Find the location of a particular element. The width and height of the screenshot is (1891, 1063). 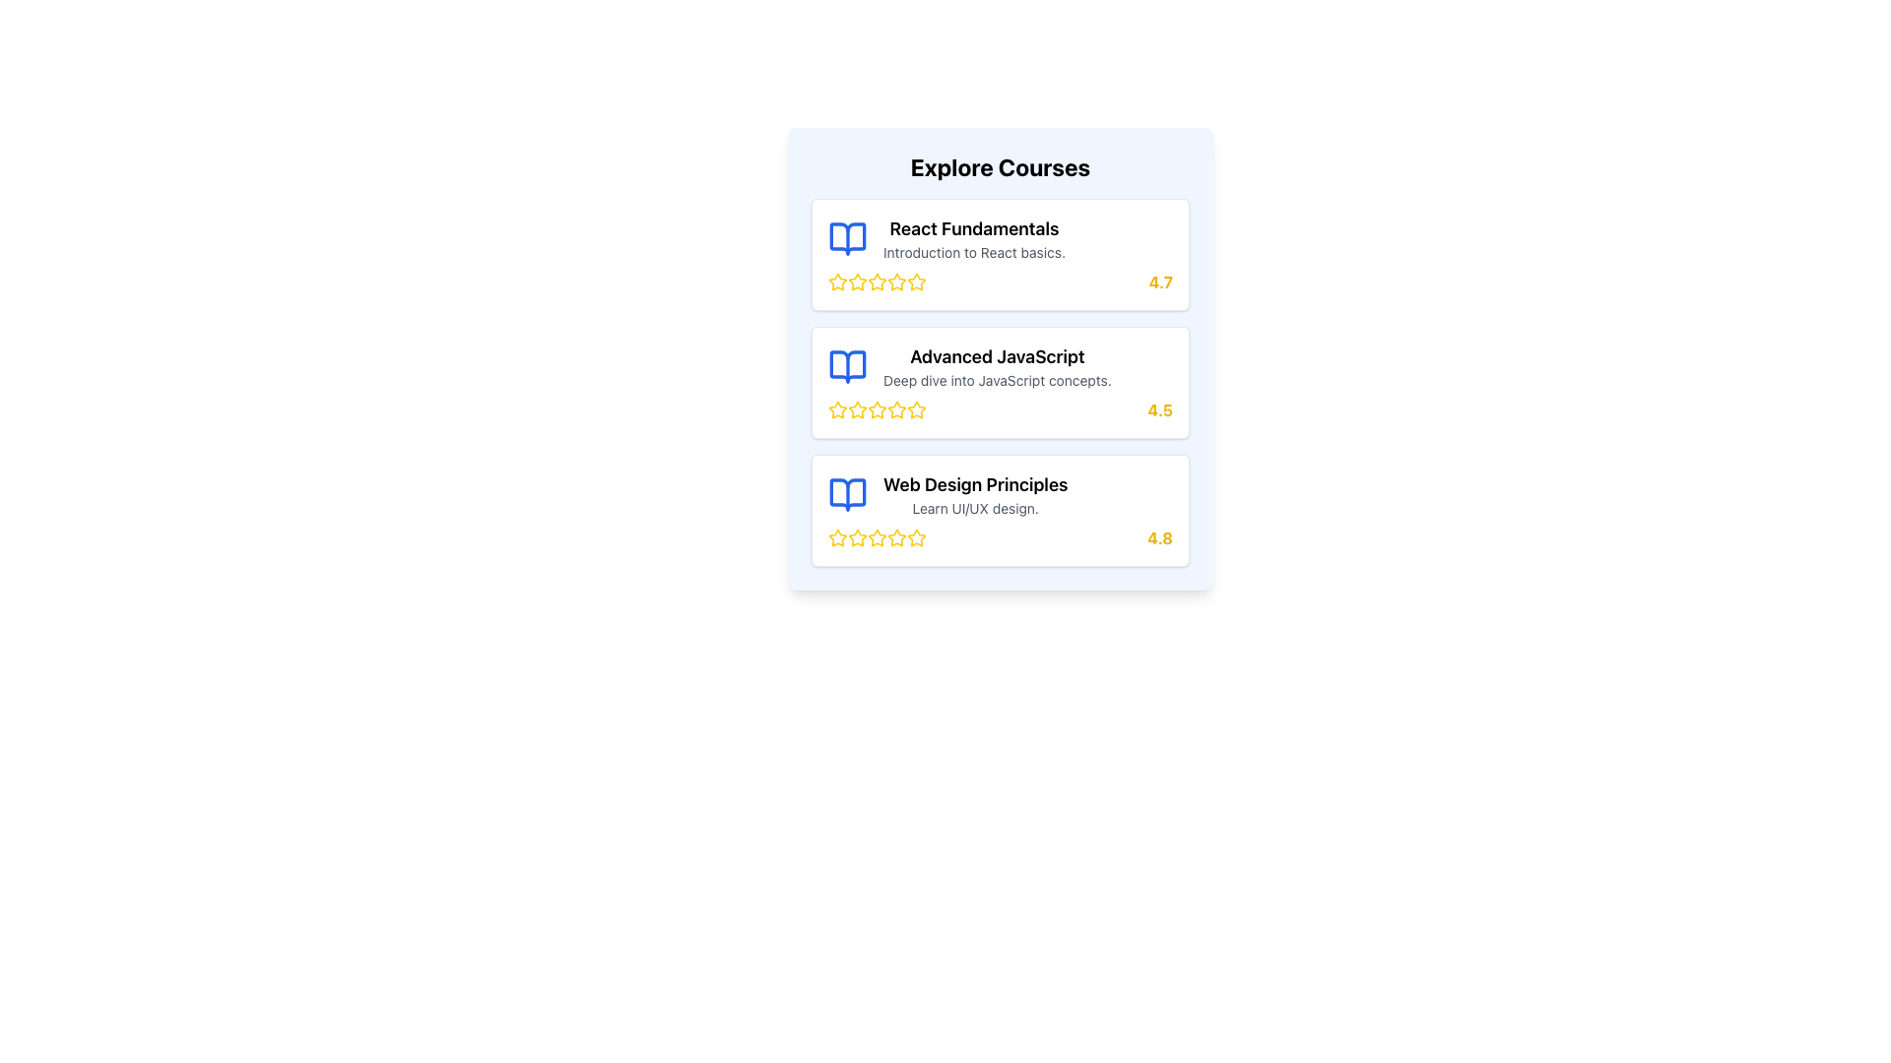

the third yellow star icon in the rating system for the 'Advanced JavaScript' course card, which is part of a five-star rating display is located at coordinates (877, 408).